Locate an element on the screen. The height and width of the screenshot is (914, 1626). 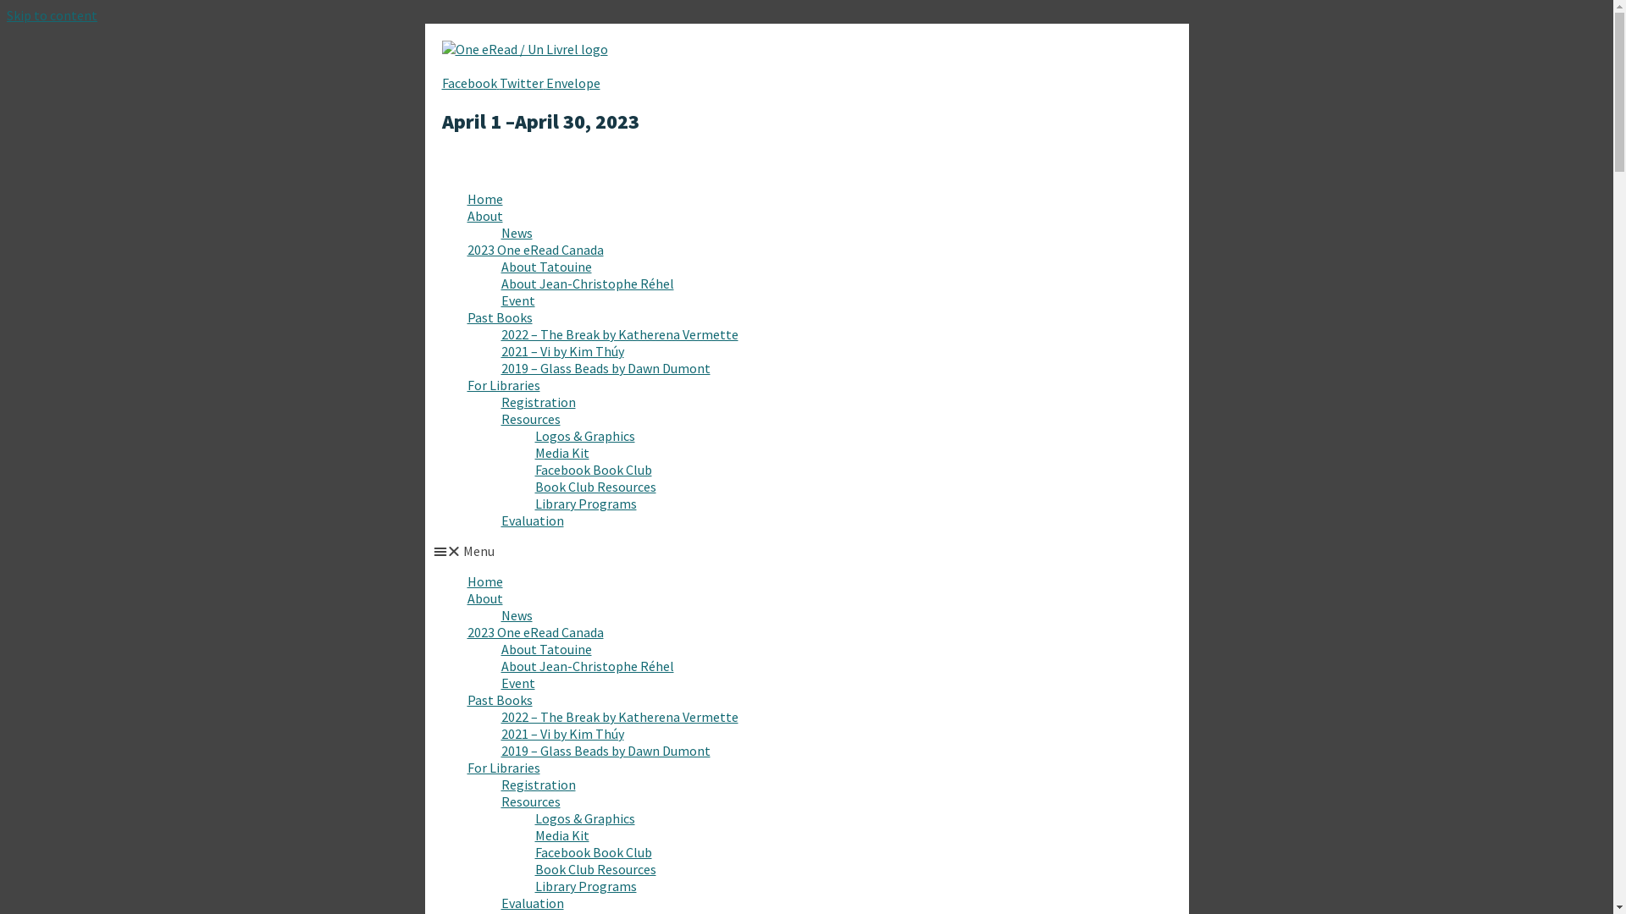
'Library Programs' is located at coordinates (585, 502).